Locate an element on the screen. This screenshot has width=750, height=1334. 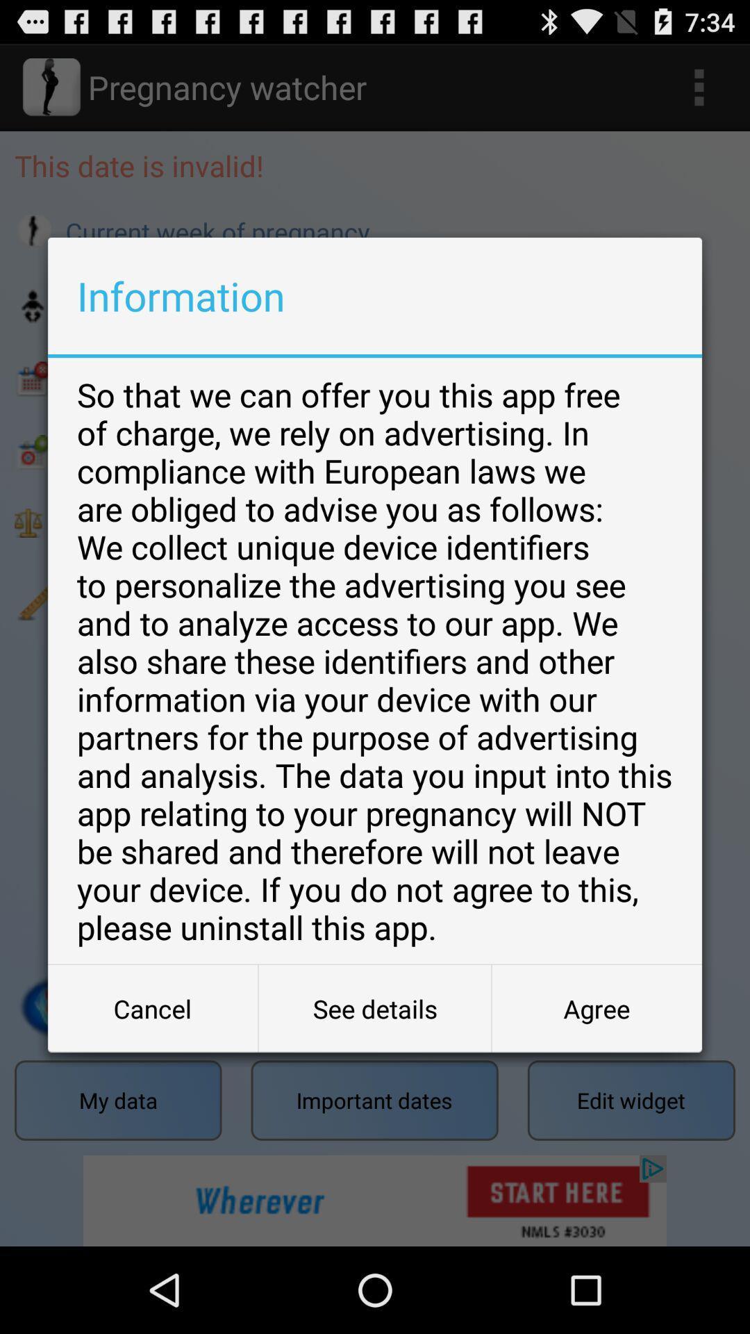
the item below the so that we is located at coordinates (375, 1008).